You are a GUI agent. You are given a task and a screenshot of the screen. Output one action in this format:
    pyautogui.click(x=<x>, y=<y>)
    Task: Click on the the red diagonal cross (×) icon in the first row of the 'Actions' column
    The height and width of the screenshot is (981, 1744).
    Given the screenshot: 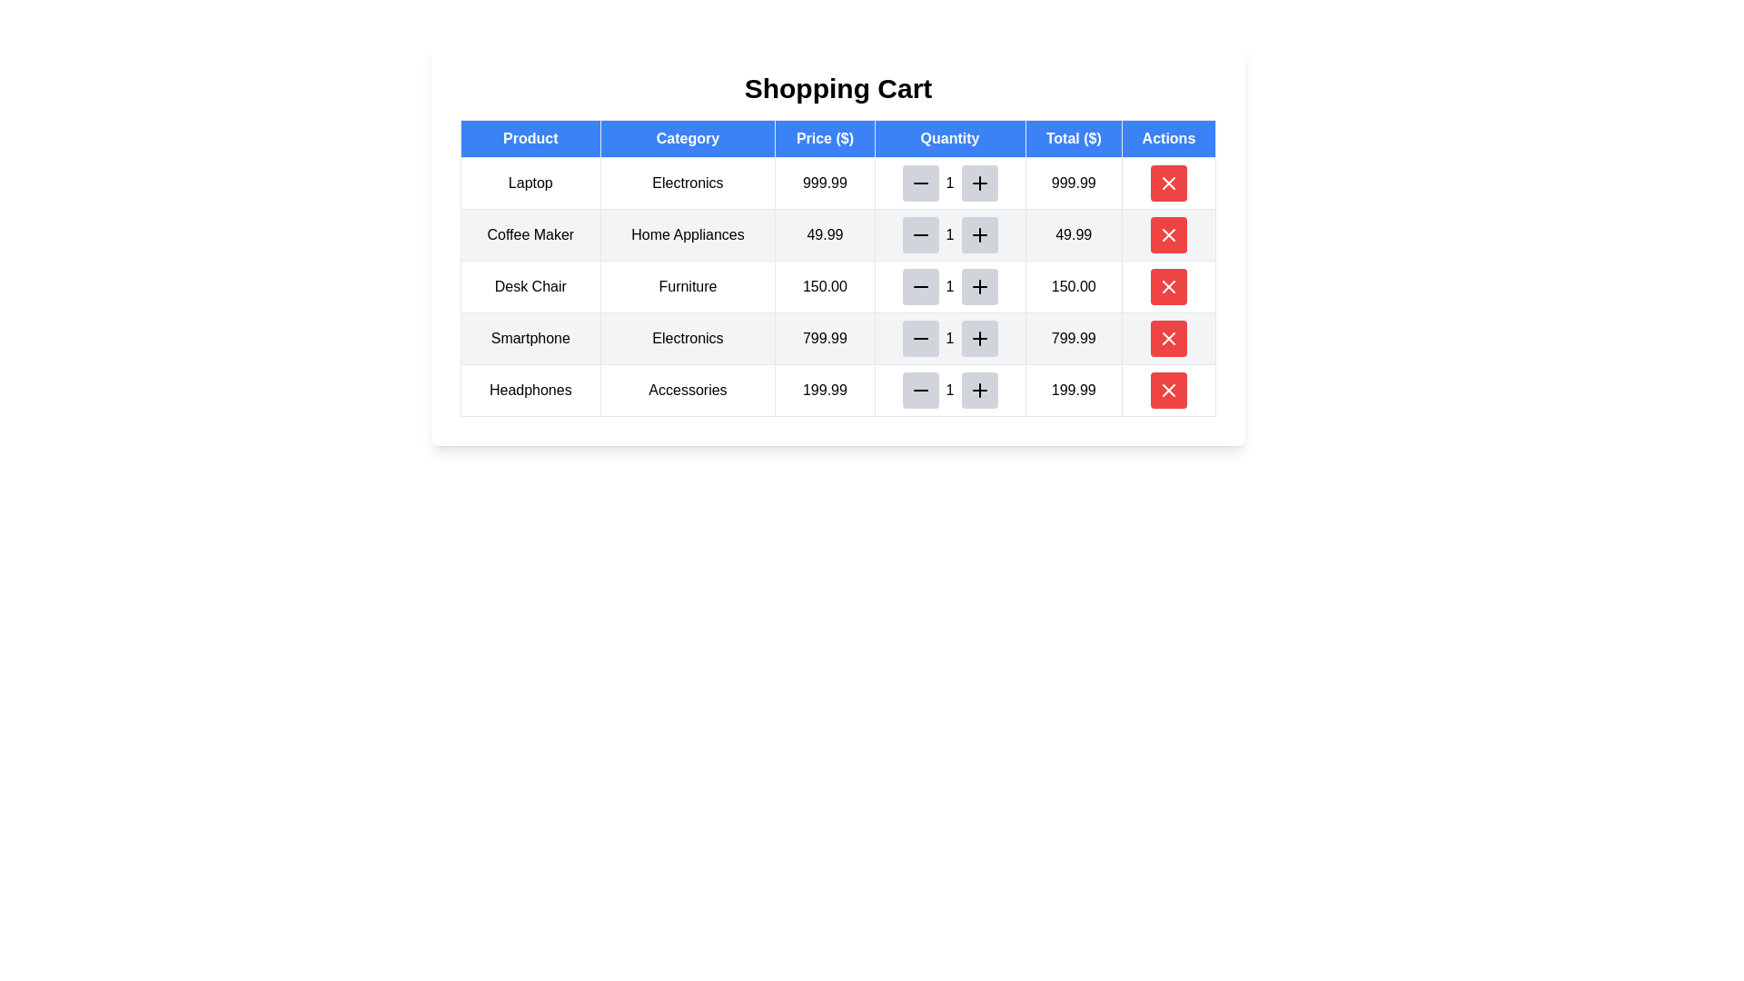 What is the action you would take?
    pyautogui.click(x=1168, y=183)
    